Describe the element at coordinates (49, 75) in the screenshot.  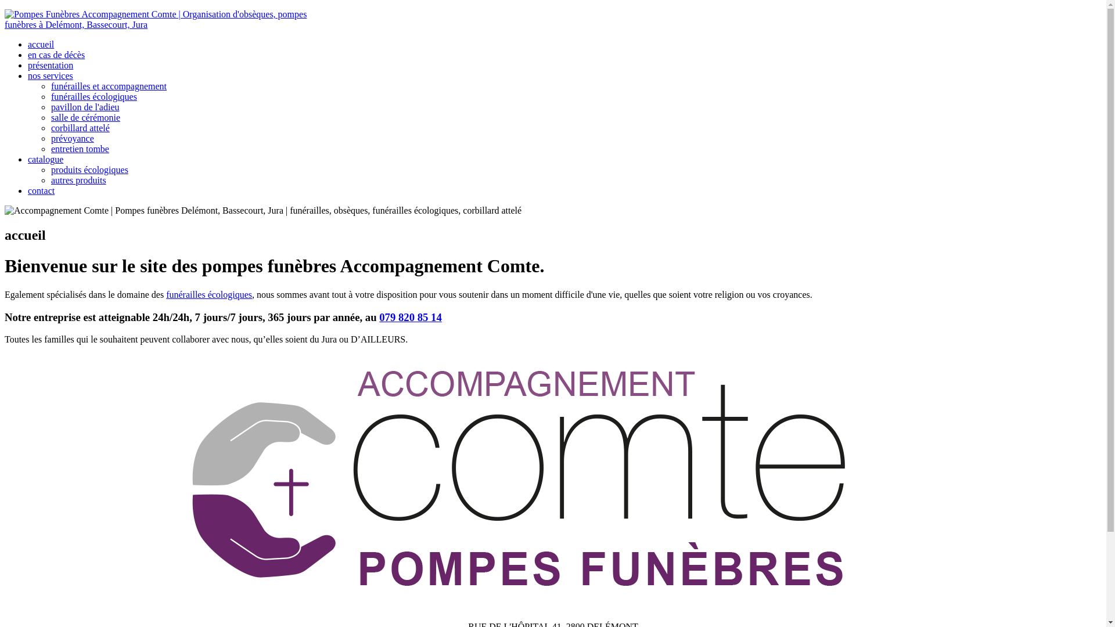
I see `'nos services'` at that location.